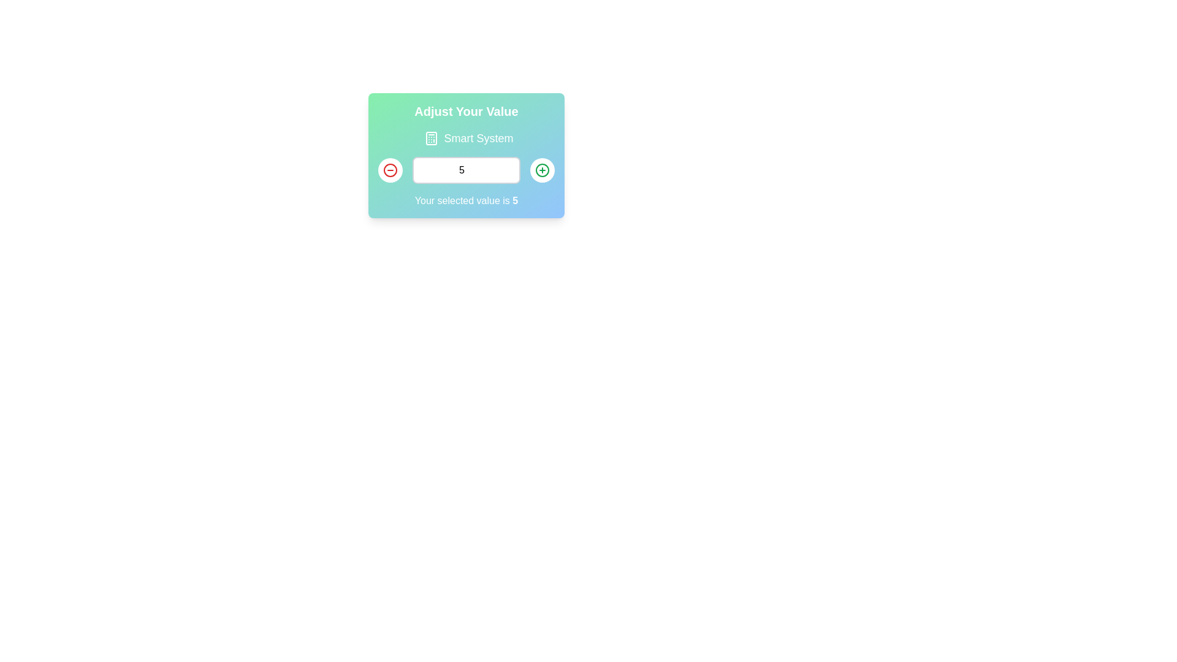  I want to click on the inner circle of the left-hand circular button indicating a subtract or decrease function within the panel titled 'Adjust Your Value', so click(390, 170).